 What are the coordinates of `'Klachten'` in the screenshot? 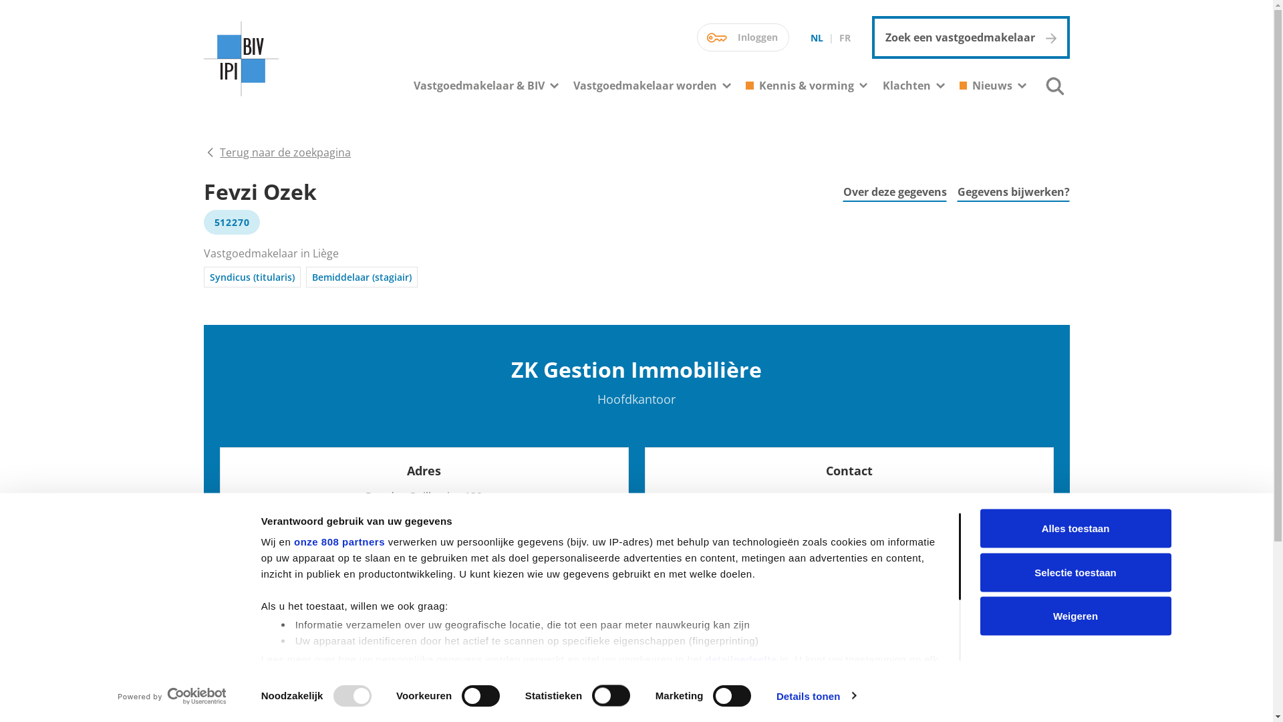 It's located at (907, 85).